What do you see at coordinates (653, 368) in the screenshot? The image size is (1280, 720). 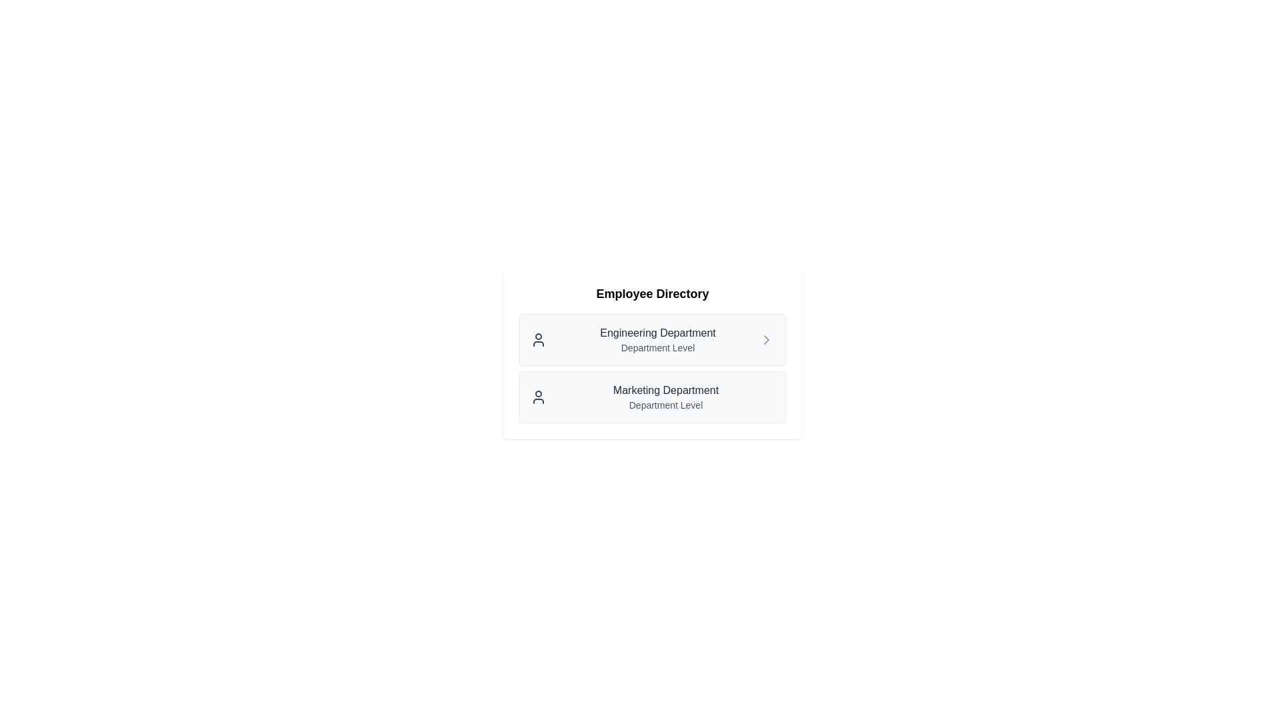 I see `the second department card in the 'Employee Directory'` at bounding box center [653, 368].